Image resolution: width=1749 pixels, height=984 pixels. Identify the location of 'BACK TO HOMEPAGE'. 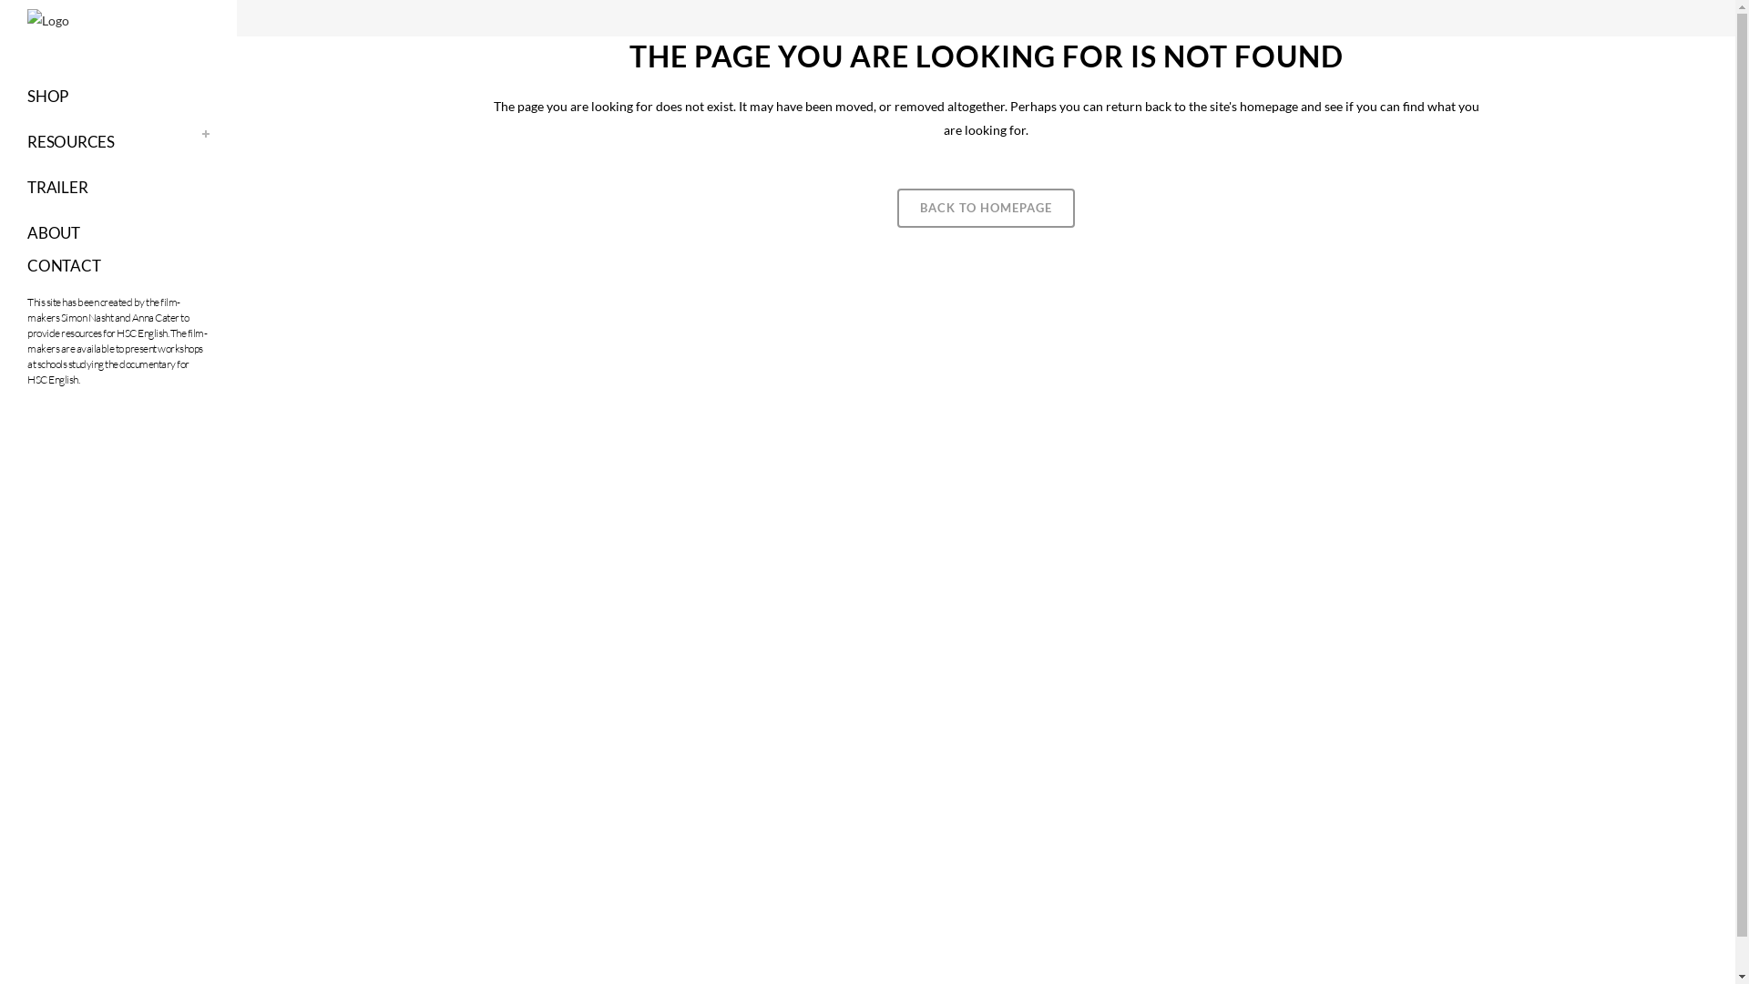
(985, 207).